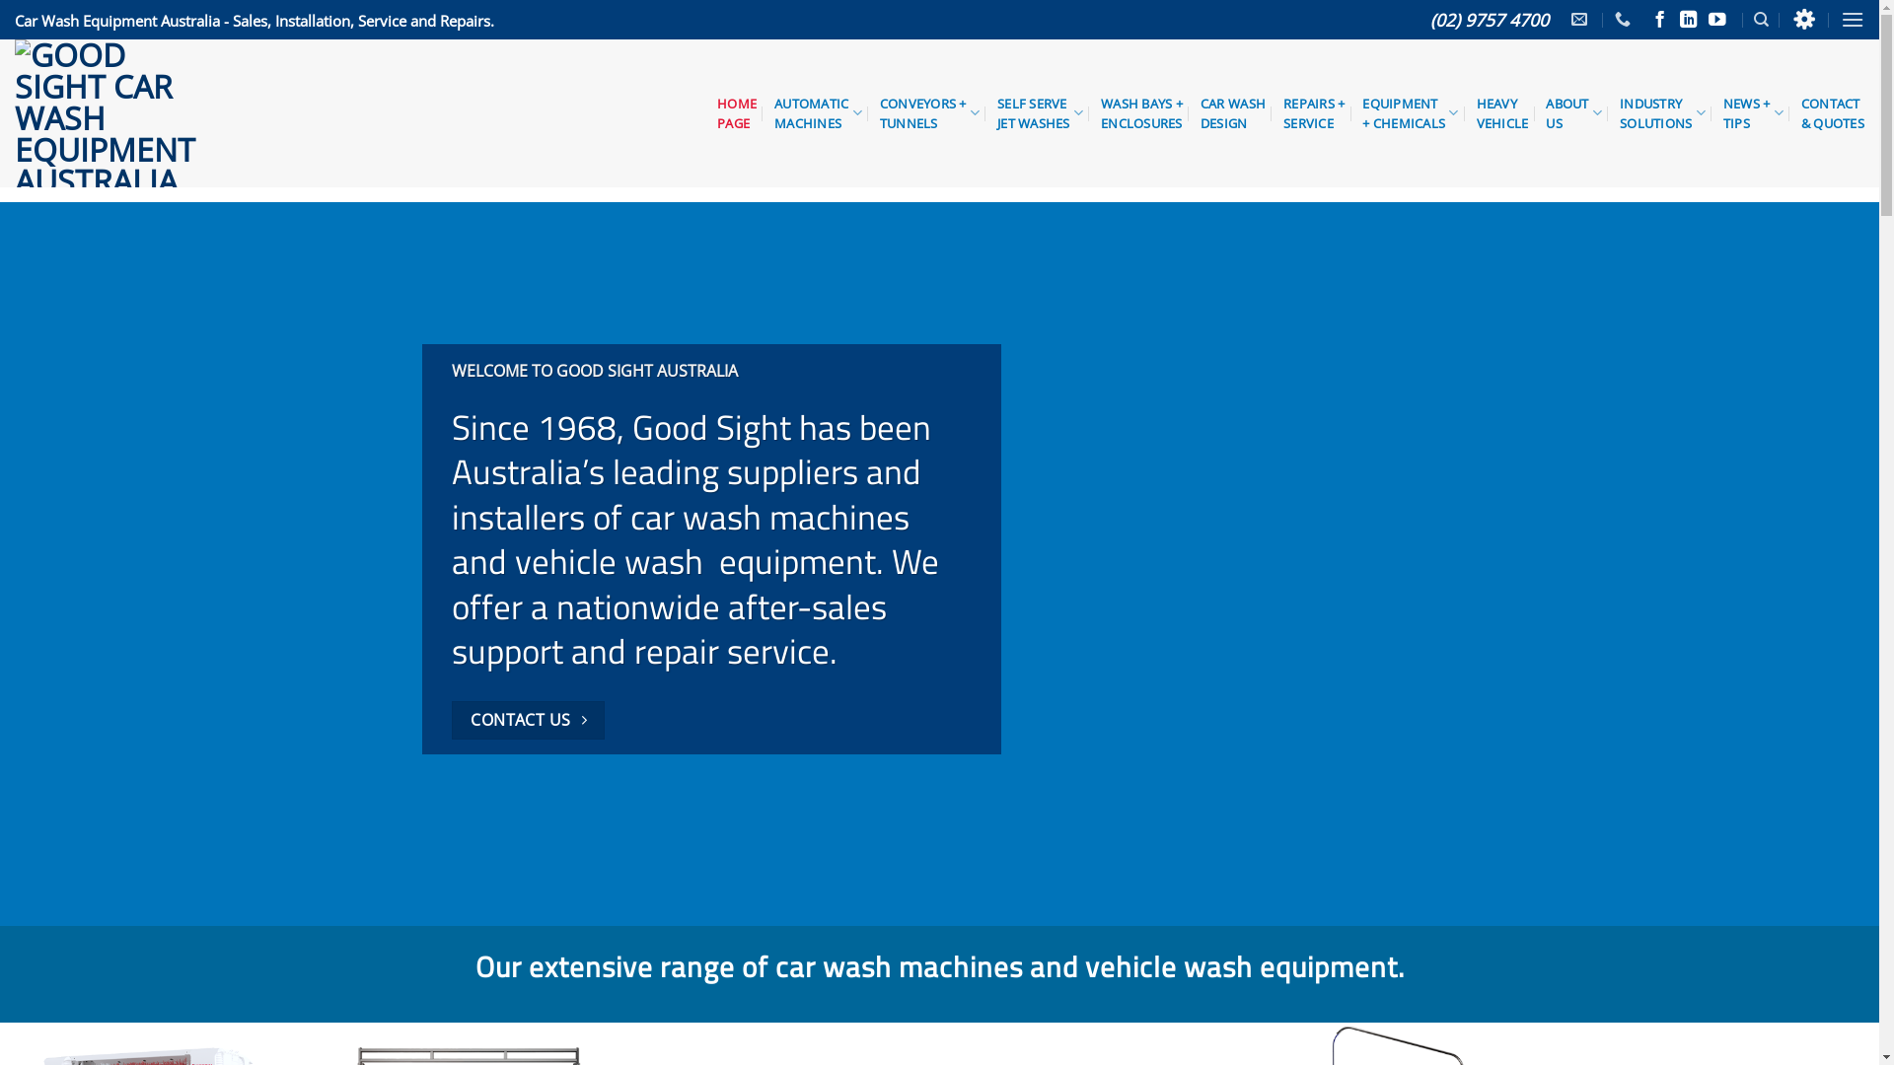  I want to click on '0297574700', so click(1625, 19).